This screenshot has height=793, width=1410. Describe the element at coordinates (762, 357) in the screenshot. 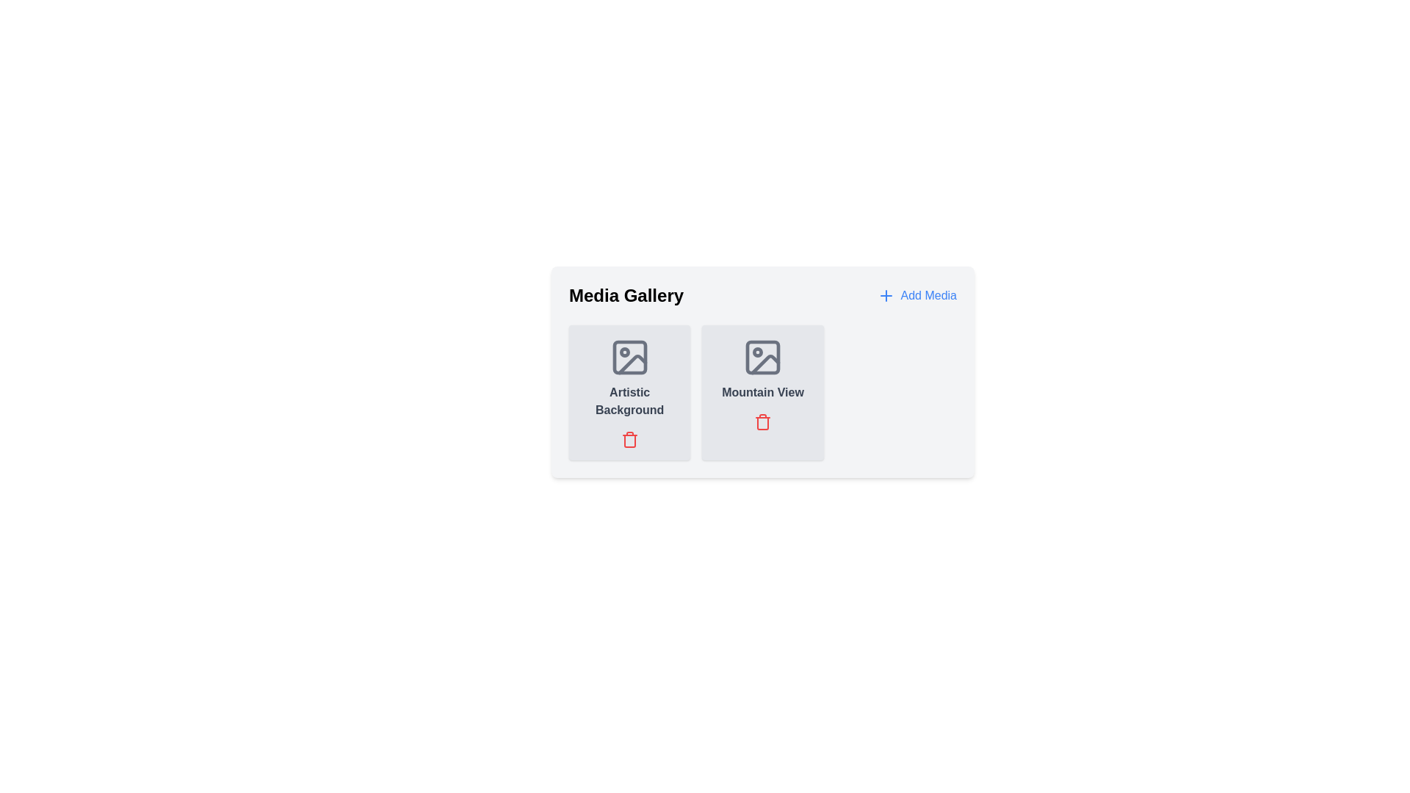

I see `the 'Mountain View' media item icon in the 'Media Gallery' section` at that location.